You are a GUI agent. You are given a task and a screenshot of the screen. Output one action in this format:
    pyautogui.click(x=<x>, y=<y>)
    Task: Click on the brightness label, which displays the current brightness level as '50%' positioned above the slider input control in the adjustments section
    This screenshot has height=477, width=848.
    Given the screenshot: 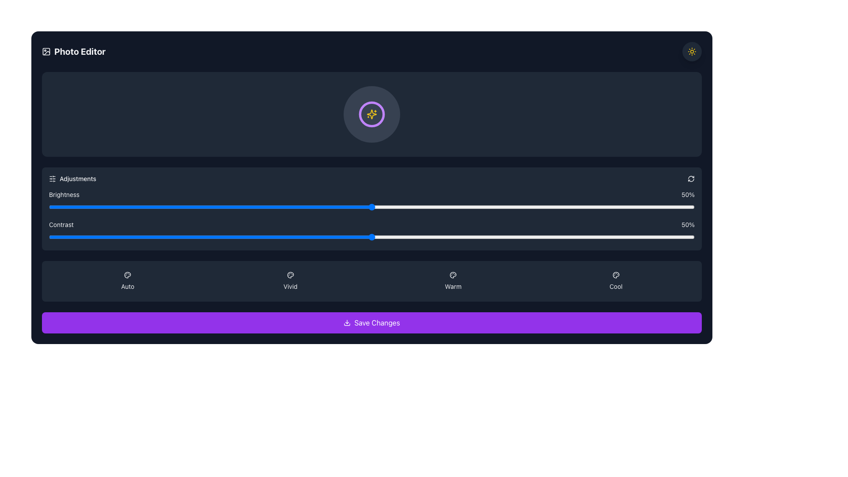 What is the action you would take?
    pyautogui.click(x=371, y=194)
    